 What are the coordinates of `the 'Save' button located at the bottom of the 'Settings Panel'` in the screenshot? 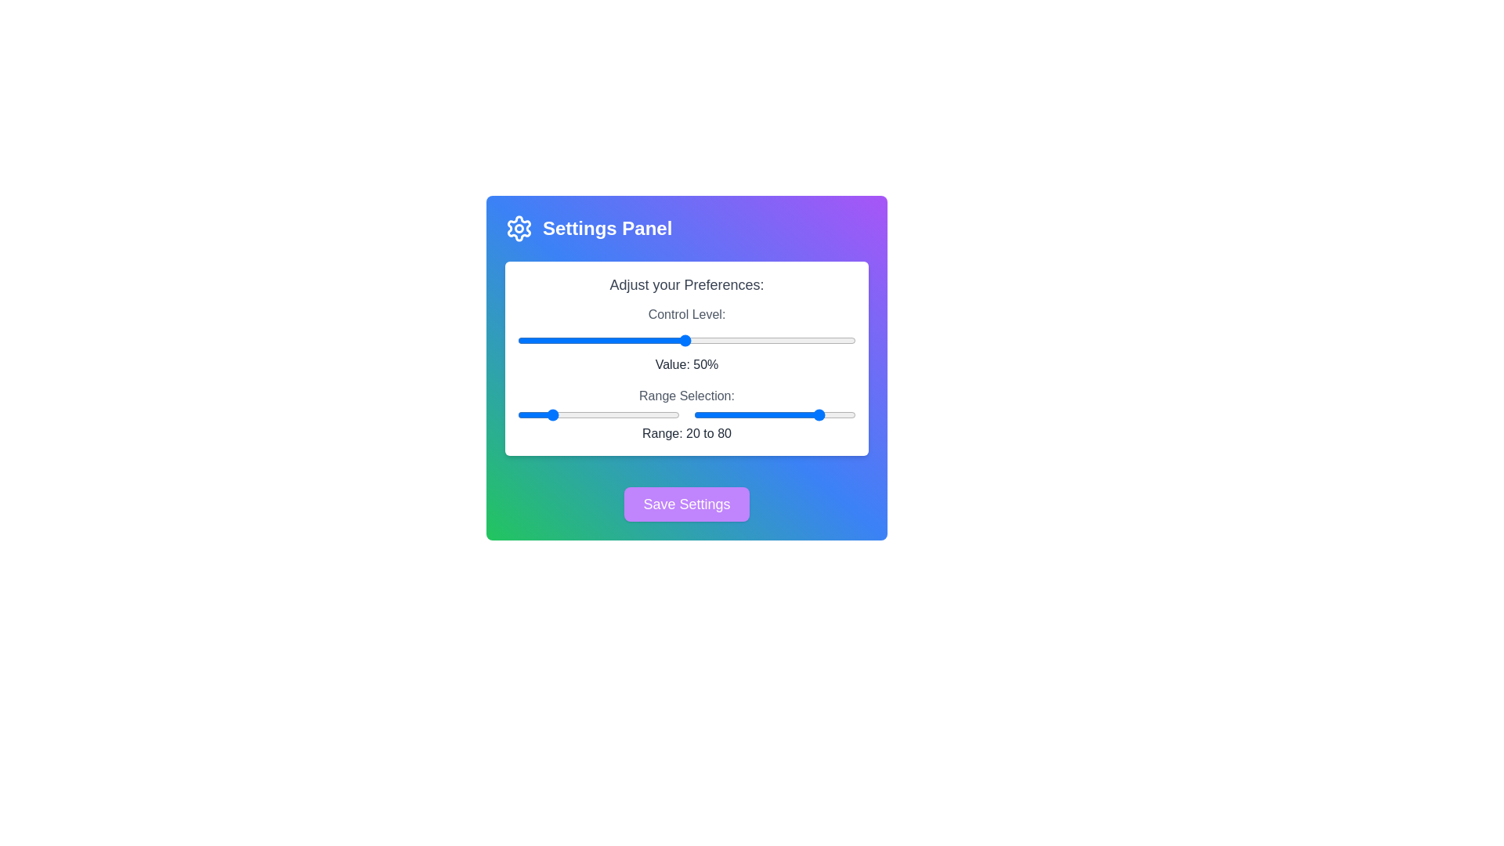 It's located at (687, 504).